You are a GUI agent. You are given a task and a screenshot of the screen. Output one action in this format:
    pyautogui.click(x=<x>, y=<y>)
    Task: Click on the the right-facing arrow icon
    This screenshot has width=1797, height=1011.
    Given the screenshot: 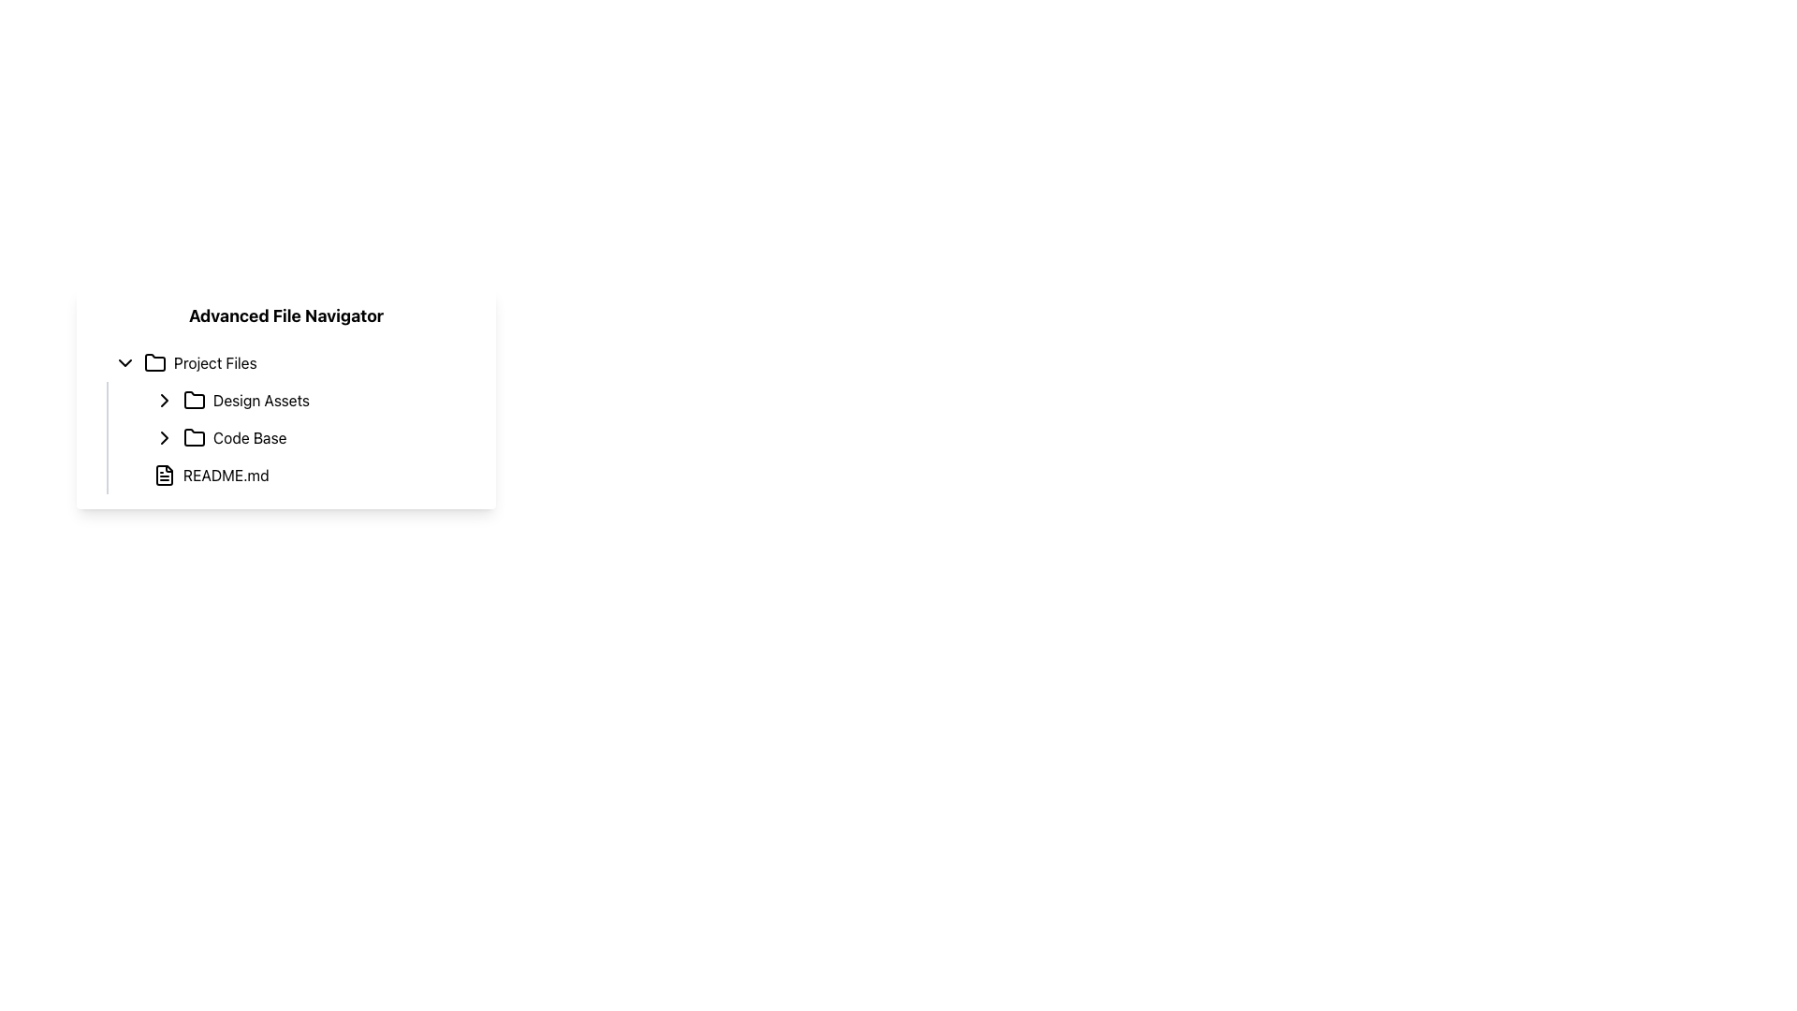 What is the action you would take?
    pyautogui.click(x=165, y=400)
    